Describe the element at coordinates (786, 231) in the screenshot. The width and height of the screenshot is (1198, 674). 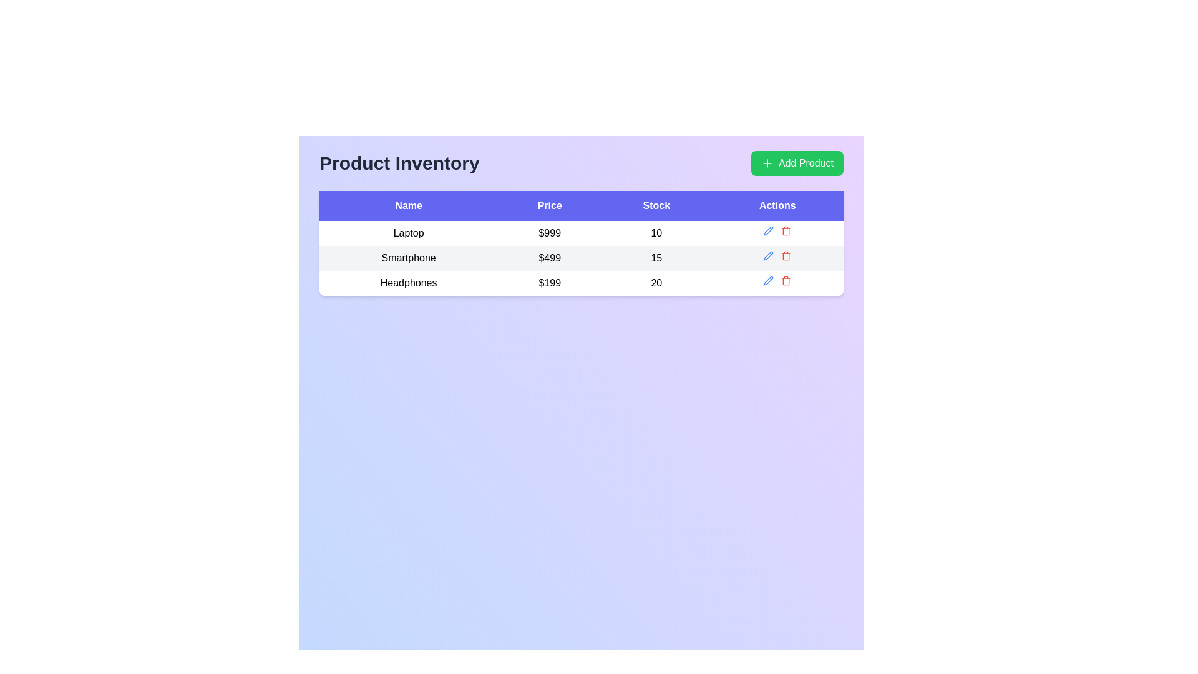
I see `the delete button located in the first row of the 'Actions' column under the 'Product Inventory' header` at that location.